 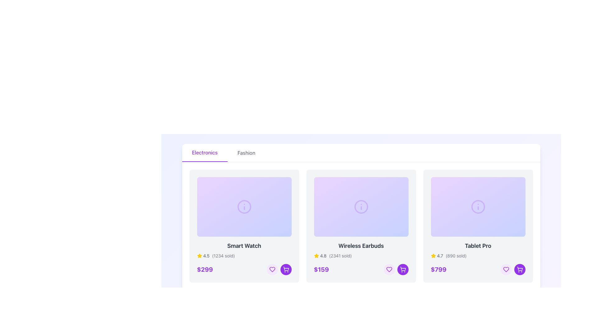 What do you see at coordinates (403, 269) in the screenshot?
I see `the circular purple button with a white shopping cart icon located at the bottom-right of the 'Tablet Pro' product card` at bounding box center [403, 269].